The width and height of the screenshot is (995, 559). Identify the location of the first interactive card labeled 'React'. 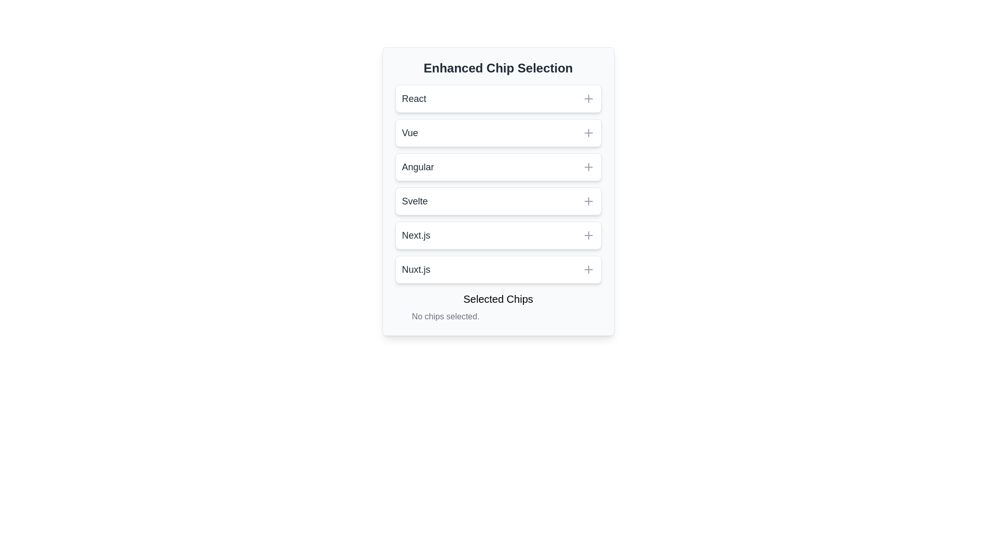
(498, 99).